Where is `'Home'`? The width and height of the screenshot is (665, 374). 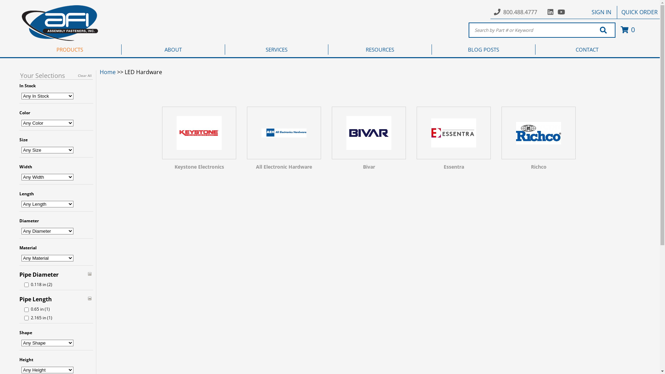 'Home' is located at coordinates (107, 72).